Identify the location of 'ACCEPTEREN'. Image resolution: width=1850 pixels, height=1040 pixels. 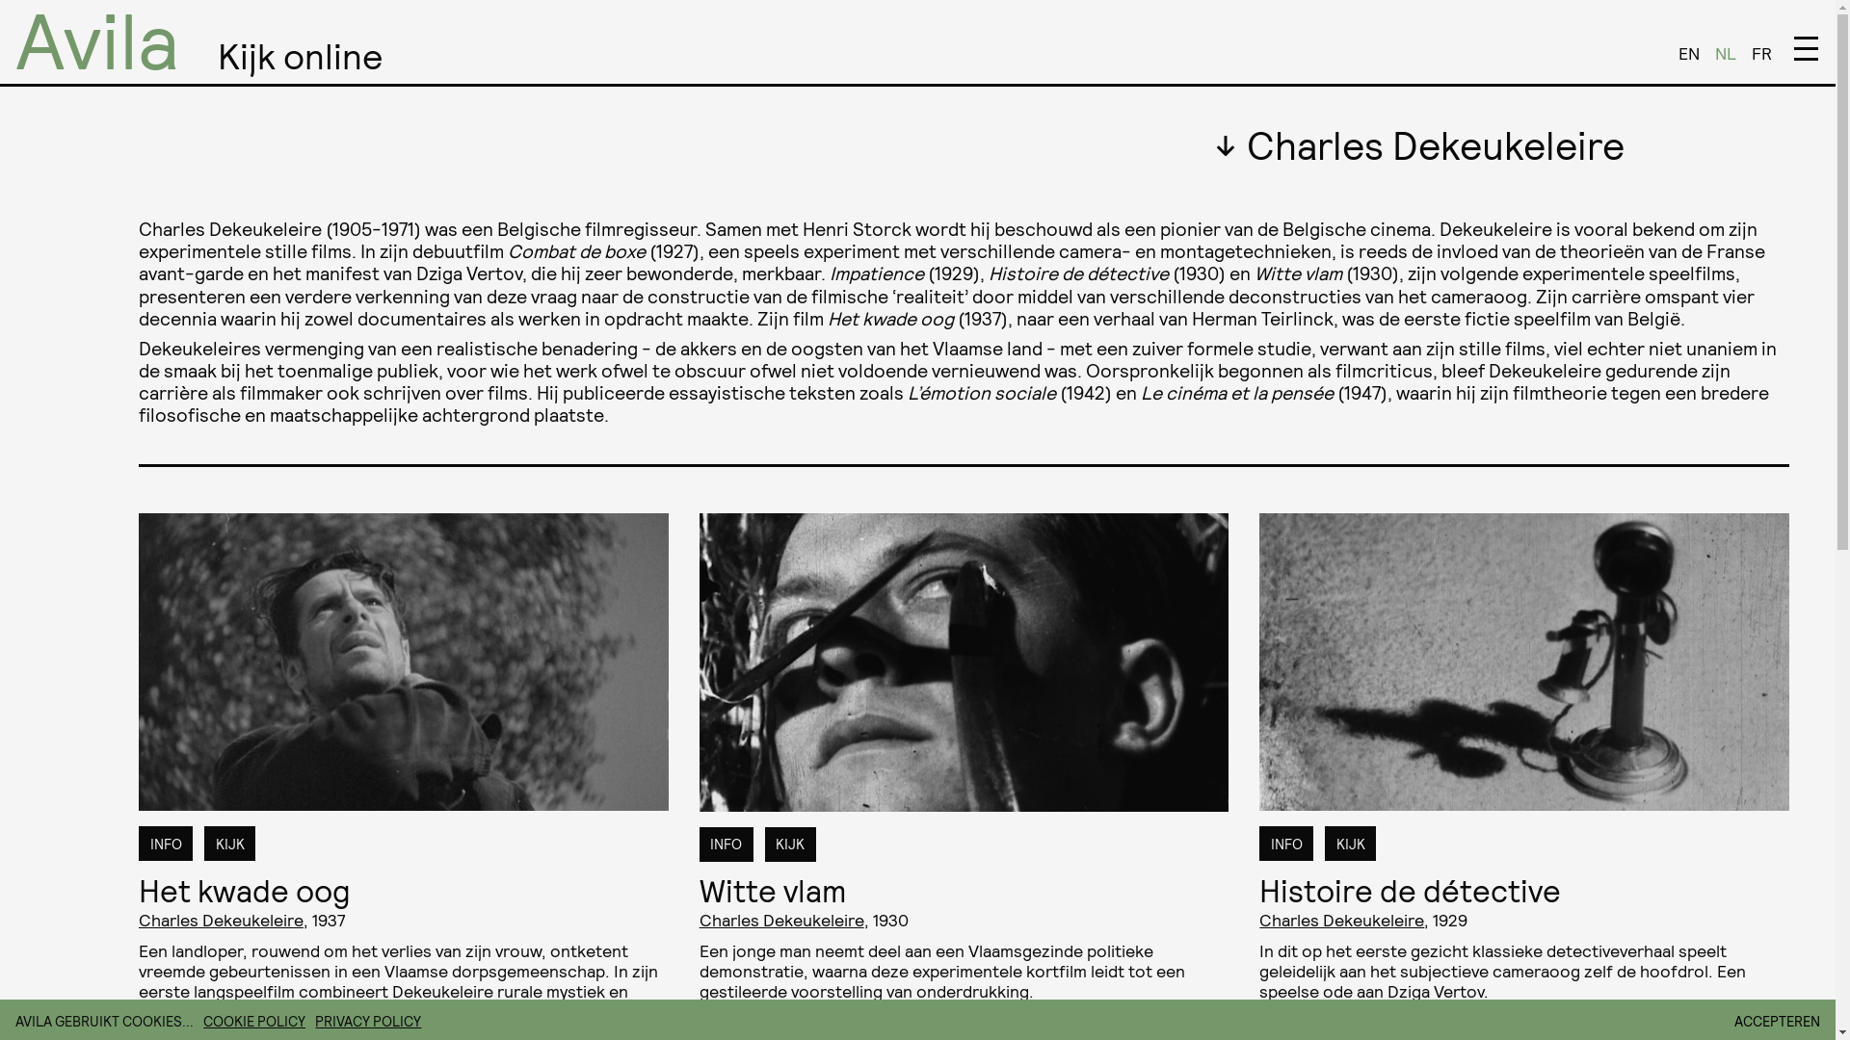
(1734, 1020).